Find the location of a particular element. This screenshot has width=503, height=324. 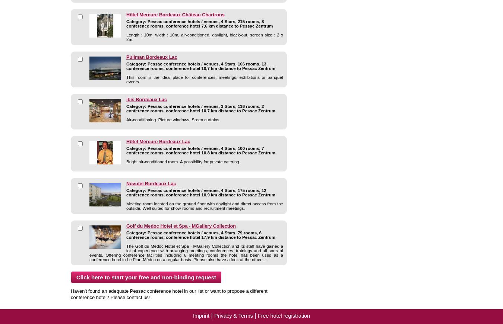

'This room is the ideal place for conferences, meetings, exhibitions or banquet events.' is located at coordinates (204, 80).